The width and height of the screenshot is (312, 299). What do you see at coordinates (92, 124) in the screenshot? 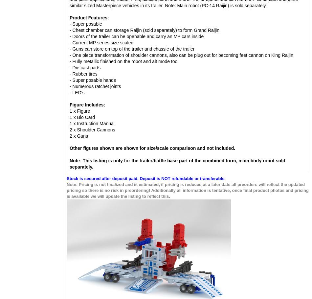
I see `'1 x Instruction Manual'` at bounding box center [92, 124].